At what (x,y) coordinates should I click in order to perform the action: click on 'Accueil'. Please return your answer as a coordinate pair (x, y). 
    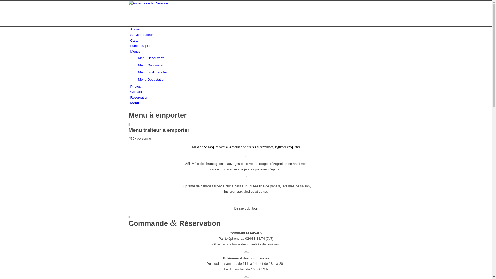
    Looking at the image, I should click on (135, 29).